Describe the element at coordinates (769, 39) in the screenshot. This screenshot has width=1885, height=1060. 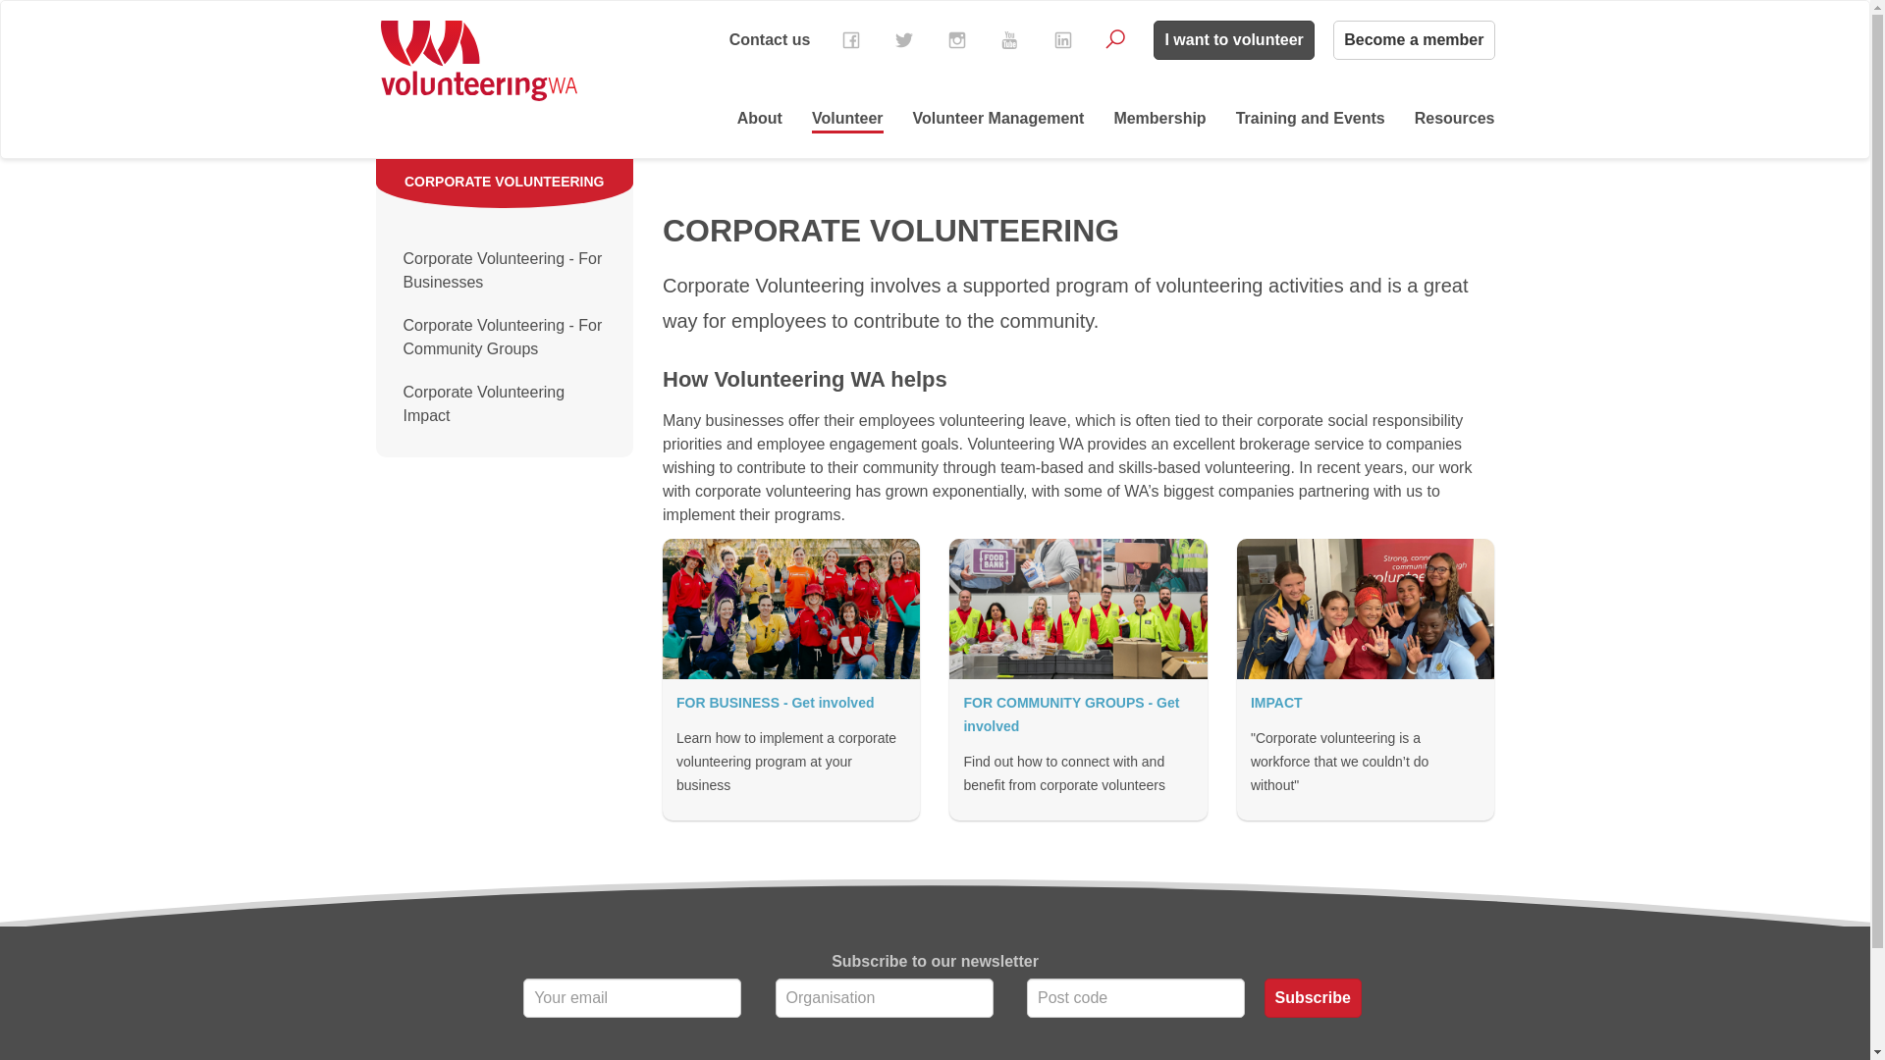
I see `'Contact us'` at that location.